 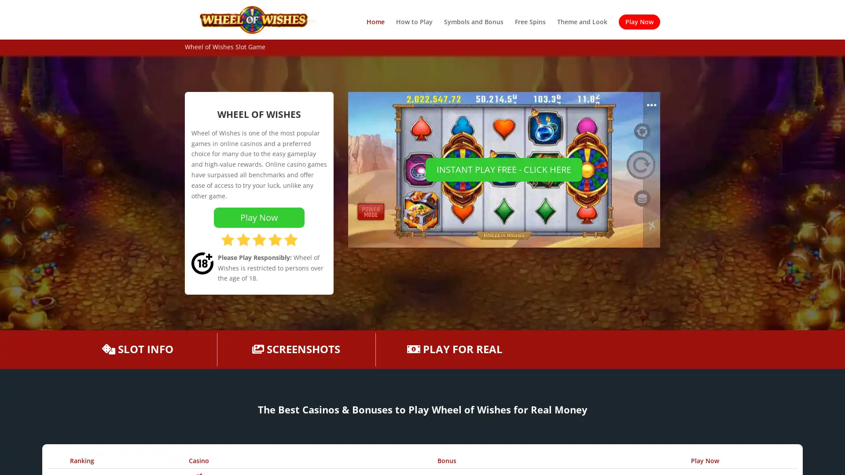 I want to click on INSTANT PLAY FREE - CLICK HERE 5, so click(x=504, y=169).